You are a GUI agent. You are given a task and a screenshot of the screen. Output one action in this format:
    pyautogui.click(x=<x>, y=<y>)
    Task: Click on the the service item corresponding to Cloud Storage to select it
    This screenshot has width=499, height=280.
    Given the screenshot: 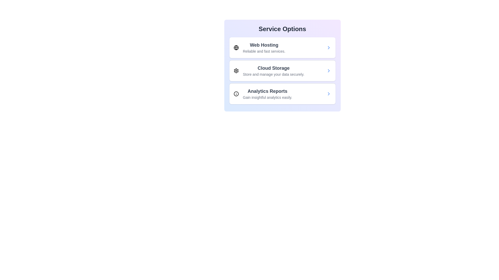 What is the action you would take?
    pyautogui.click(x=282, y=71)
    